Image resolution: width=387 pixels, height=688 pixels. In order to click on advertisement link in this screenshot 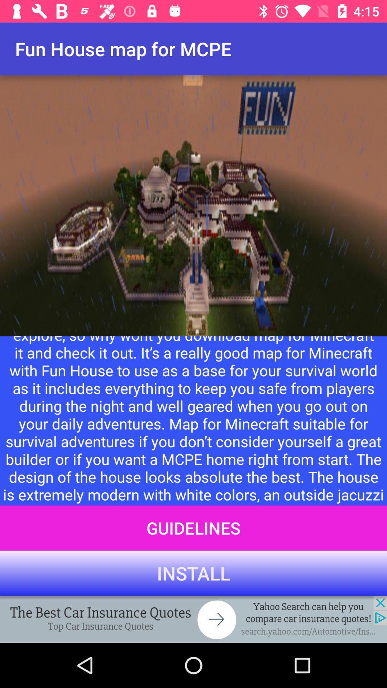, I will do `click(193, 619)`.